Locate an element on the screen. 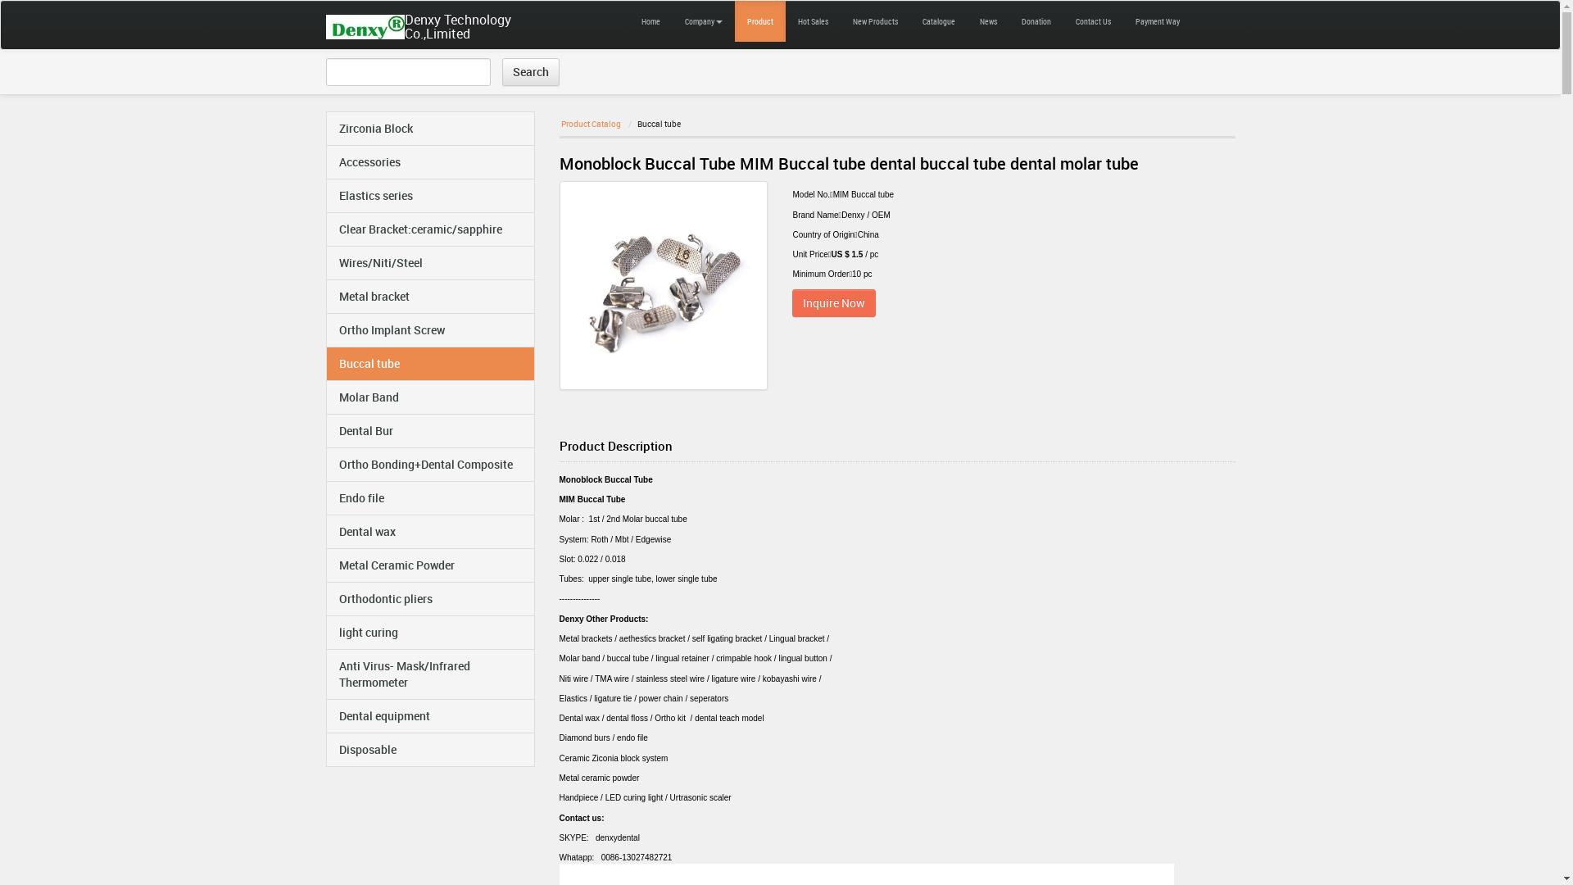 The width and height of the screenshot is (1573, 885). 'New Products' is located at coordinates (841, 21).